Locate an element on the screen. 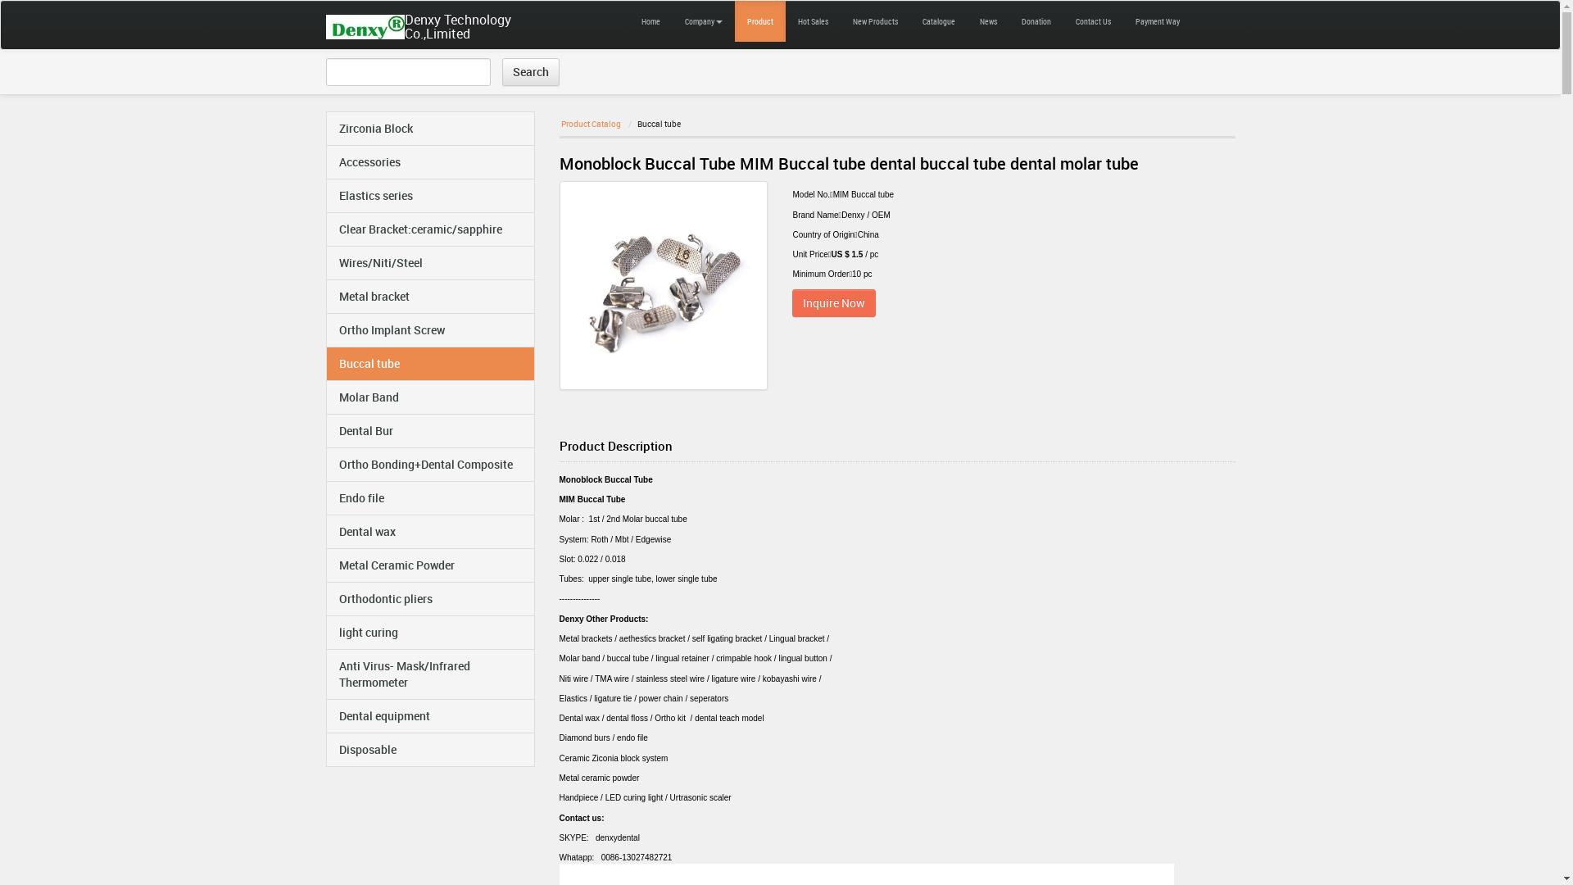 The width and height of the screenshot is (1573, 885). 'New Products' is located at coordinates (841, 21).